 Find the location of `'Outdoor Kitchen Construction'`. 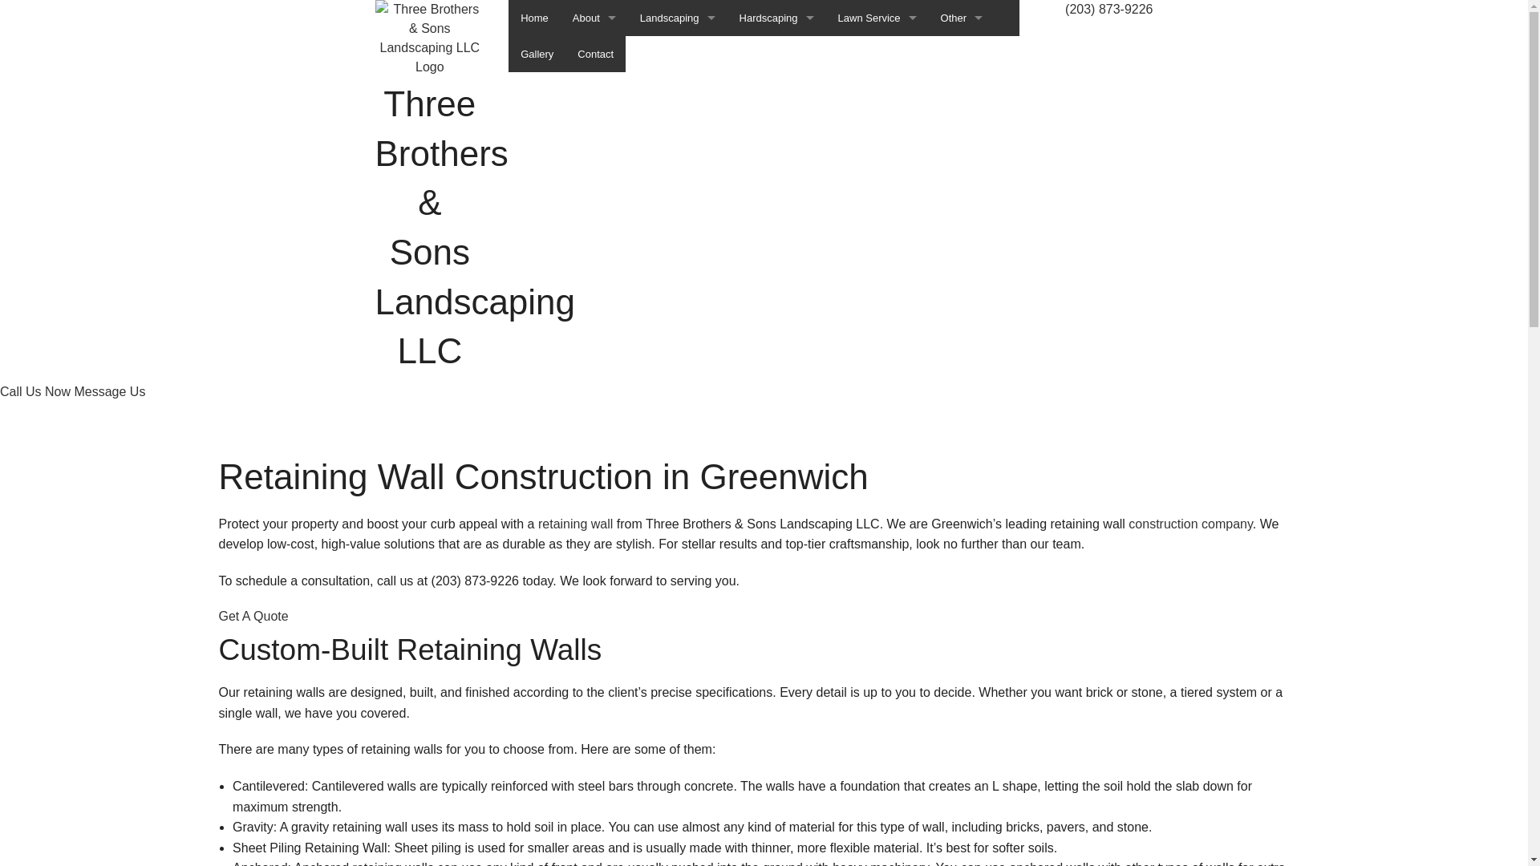

'Outdoor Kitchen Construction' is located at coordinates (727, 90).